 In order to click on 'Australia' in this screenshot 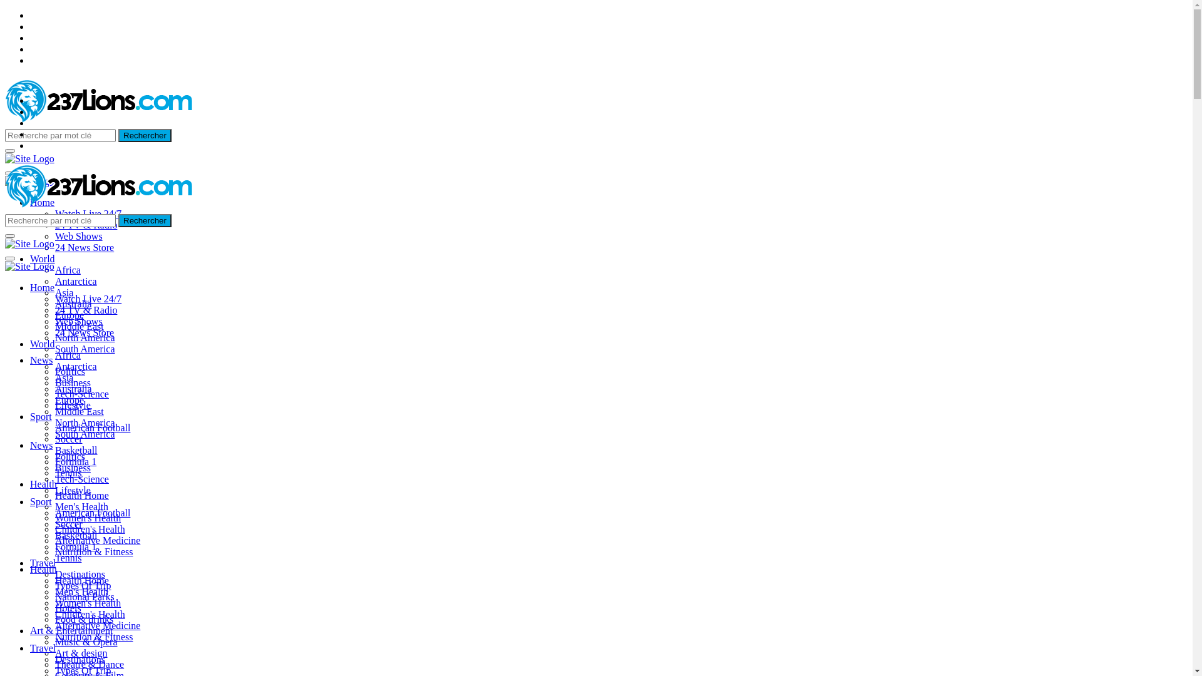, I will do `click(73, 304)`.